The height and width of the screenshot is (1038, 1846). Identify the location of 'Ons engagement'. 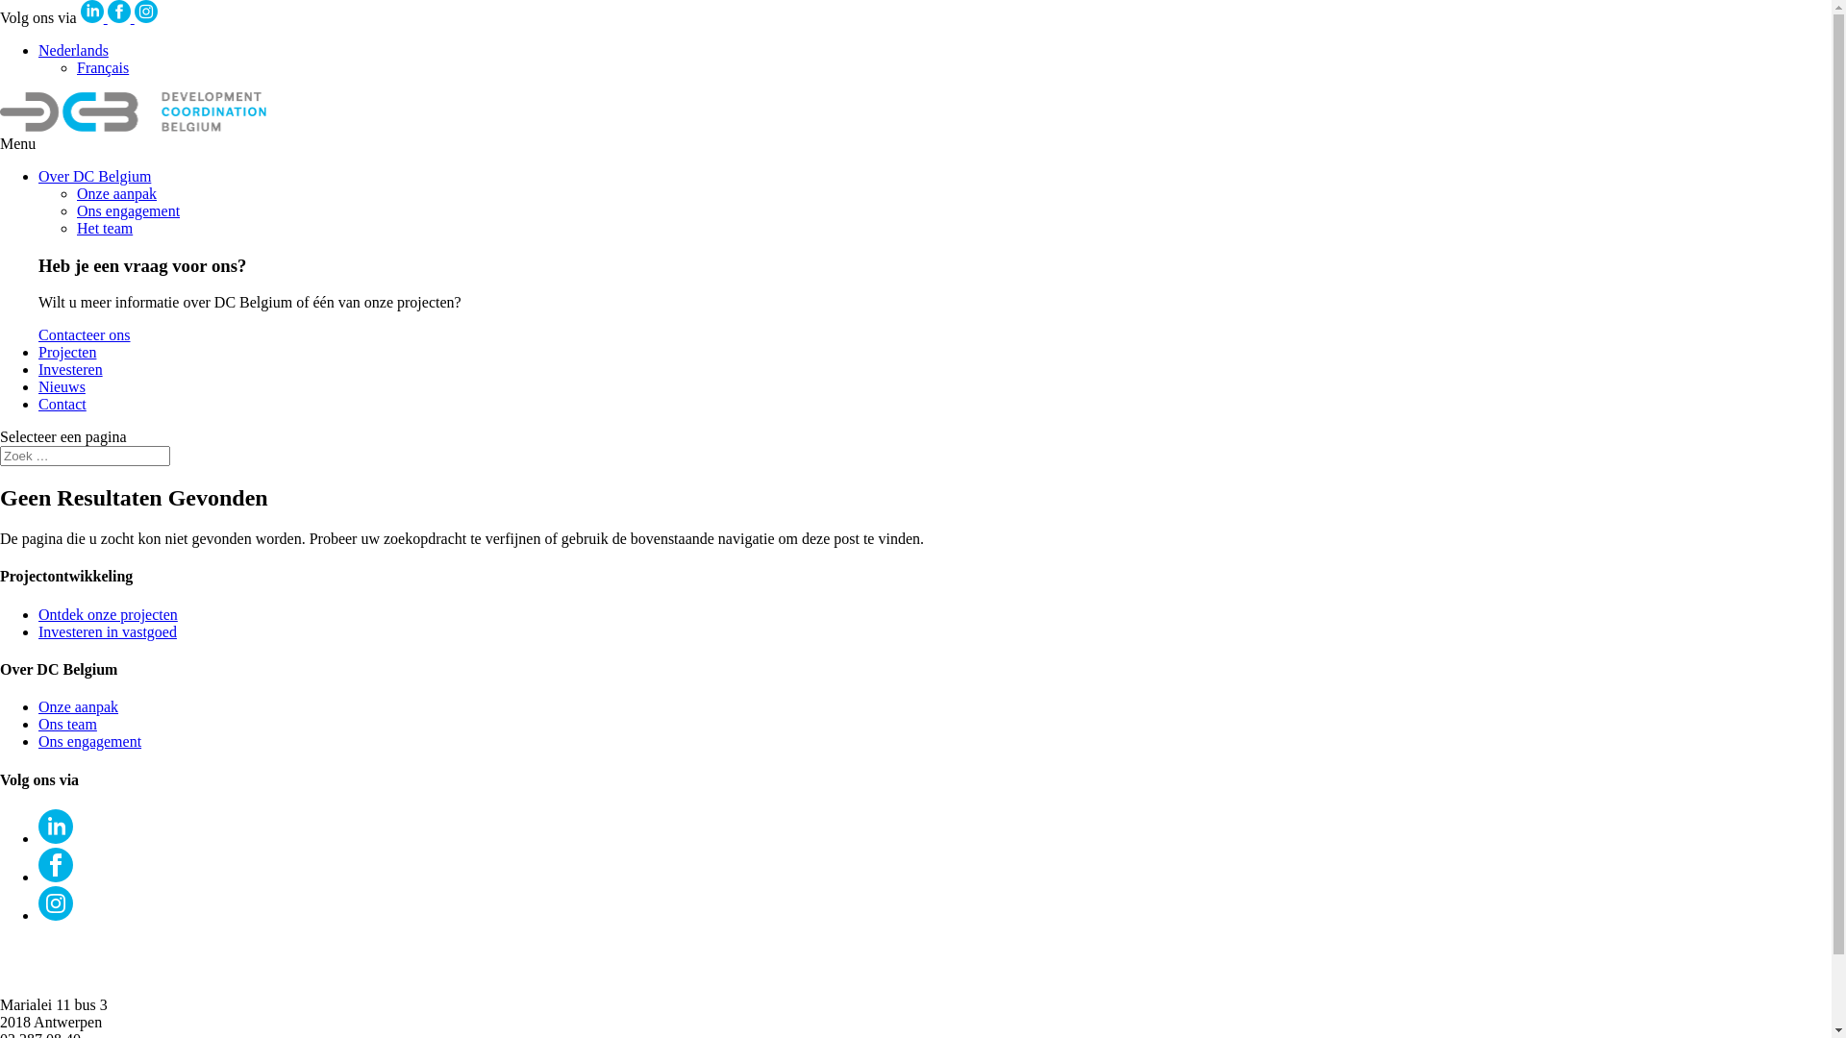
(88, 740).